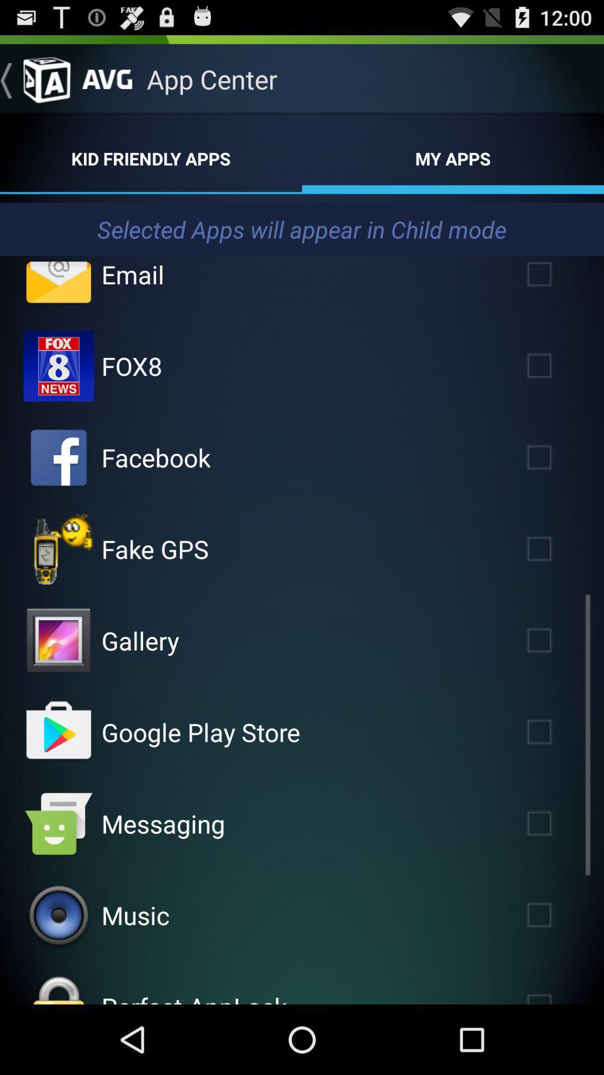 The width and height of the screenshot is (604, 1075). I want to click on email app, so click(555, 279).